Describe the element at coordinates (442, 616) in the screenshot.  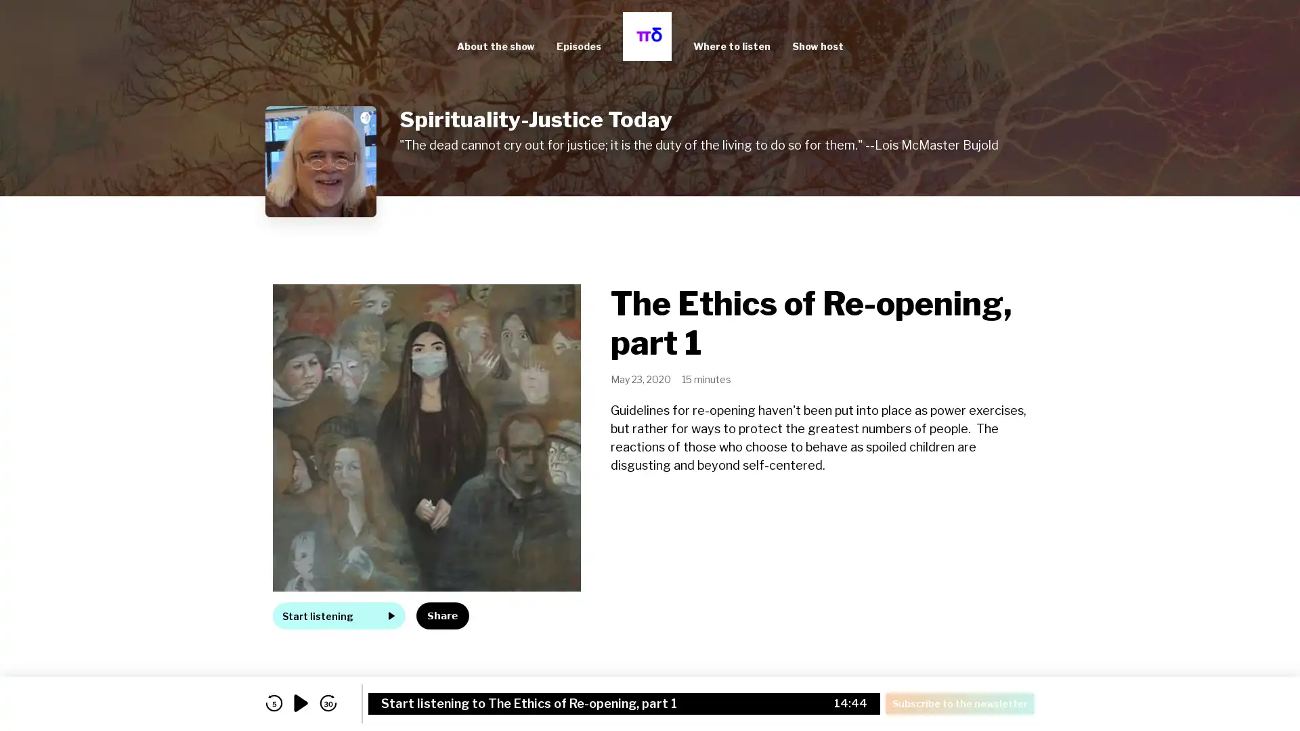
I see `Share` at that location.